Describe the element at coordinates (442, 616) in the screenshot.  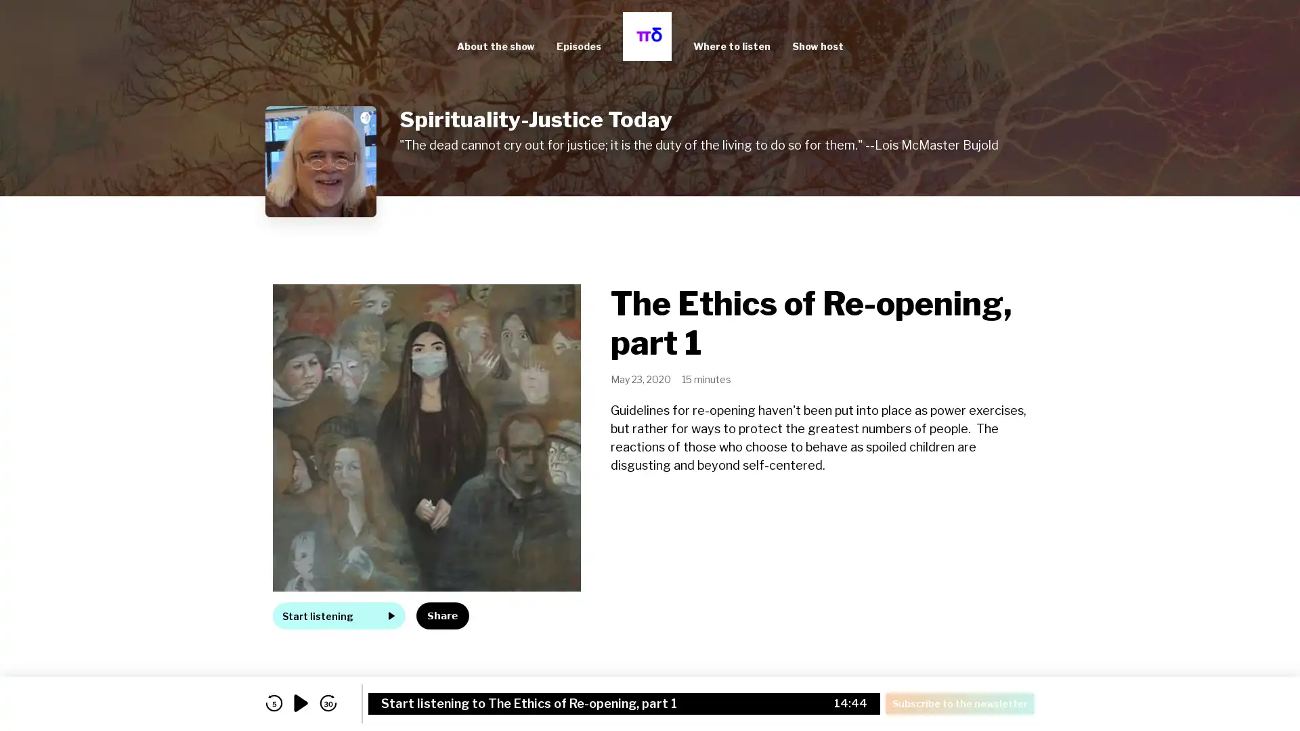
I see `Share` at that location.